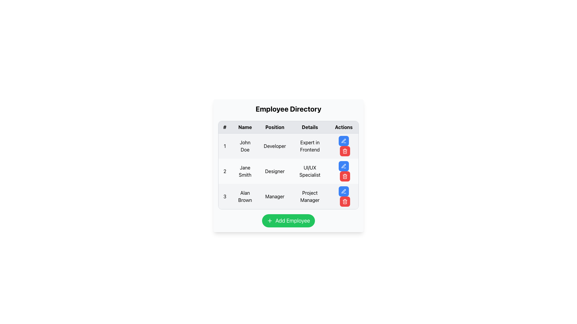  I want to click on the trash icon button in the 'Actions' column of the second row in the 'Employee Directory' table, so click(345, 176).